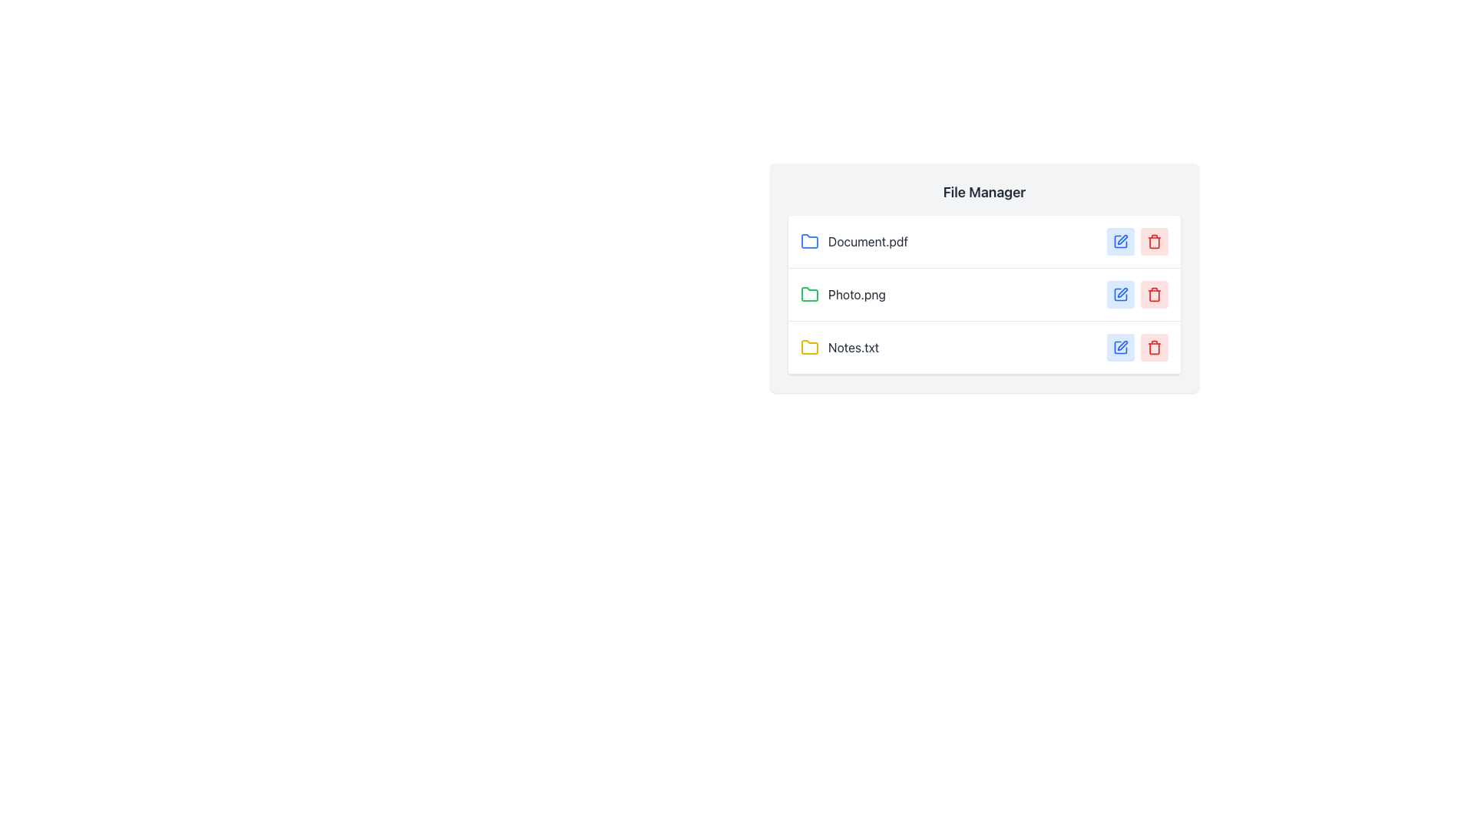  I want to click on the text label reading 'Notes.txt' styled in gray font, which is the last item in the file manager's list of files, so click(853, 347).